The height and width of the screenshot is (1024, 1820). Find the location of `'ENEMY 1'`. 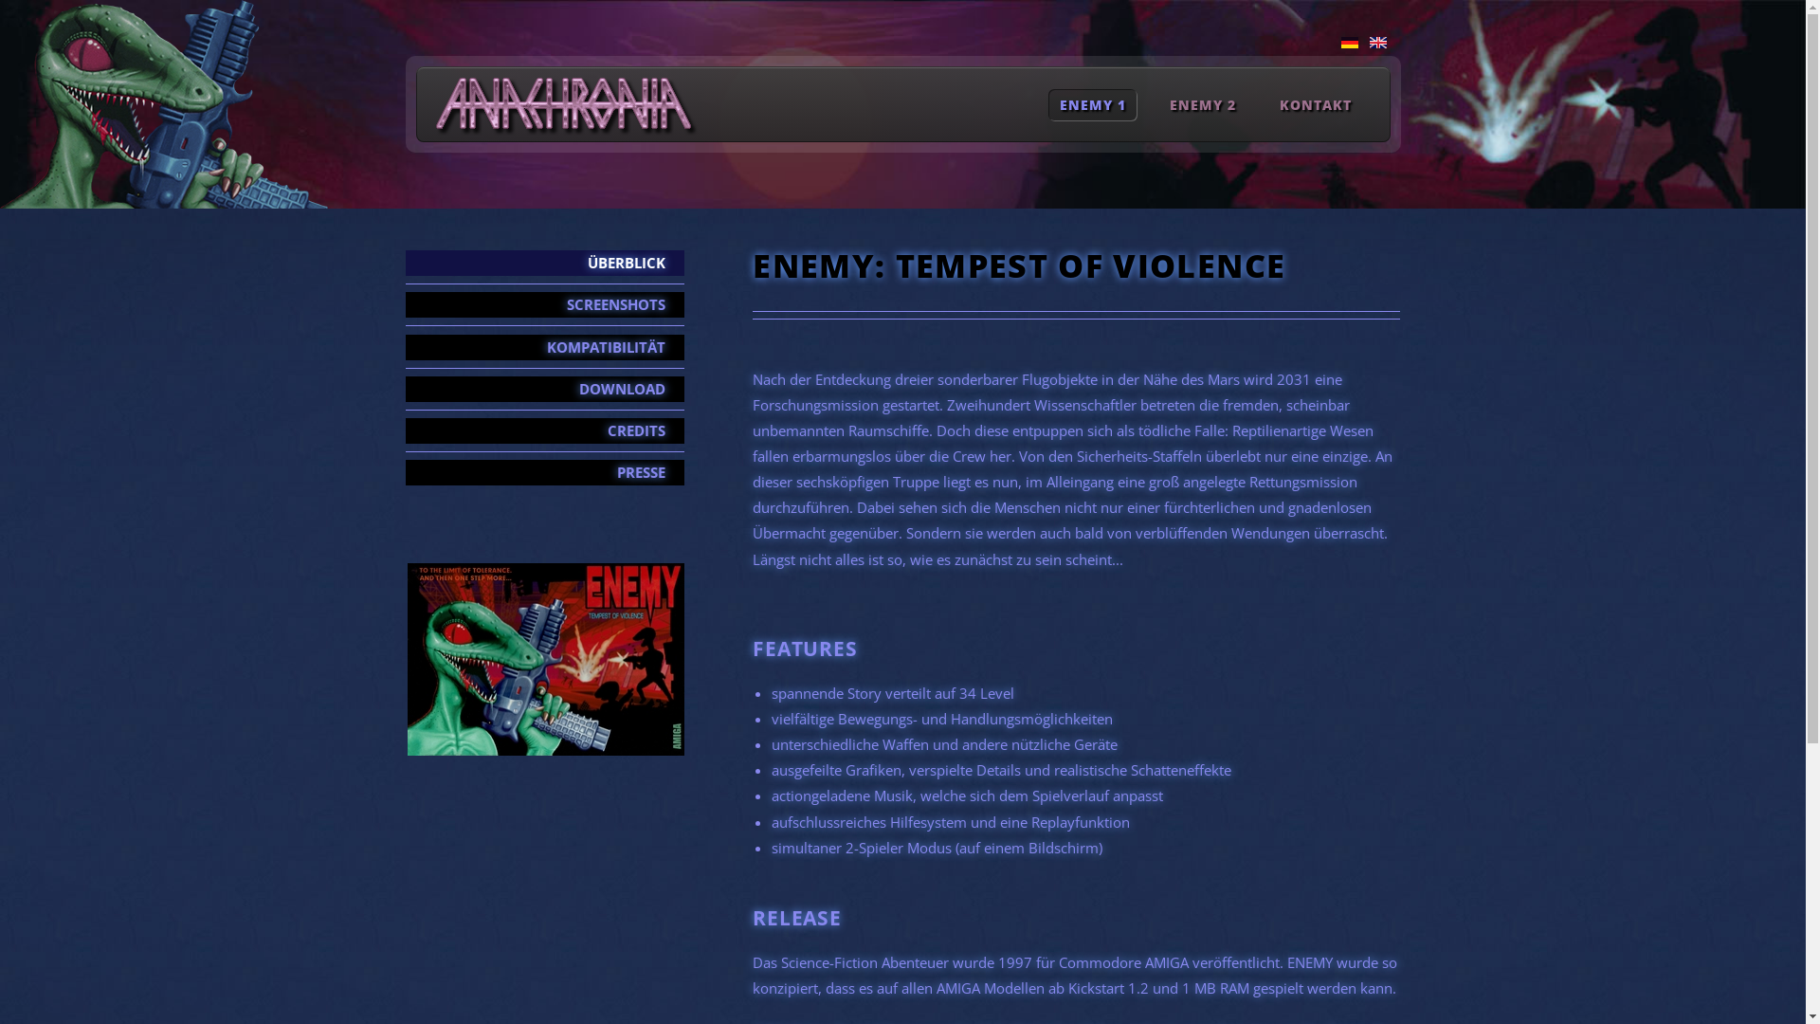

'ENEMY 1' is located at coordinates (1092, 104).